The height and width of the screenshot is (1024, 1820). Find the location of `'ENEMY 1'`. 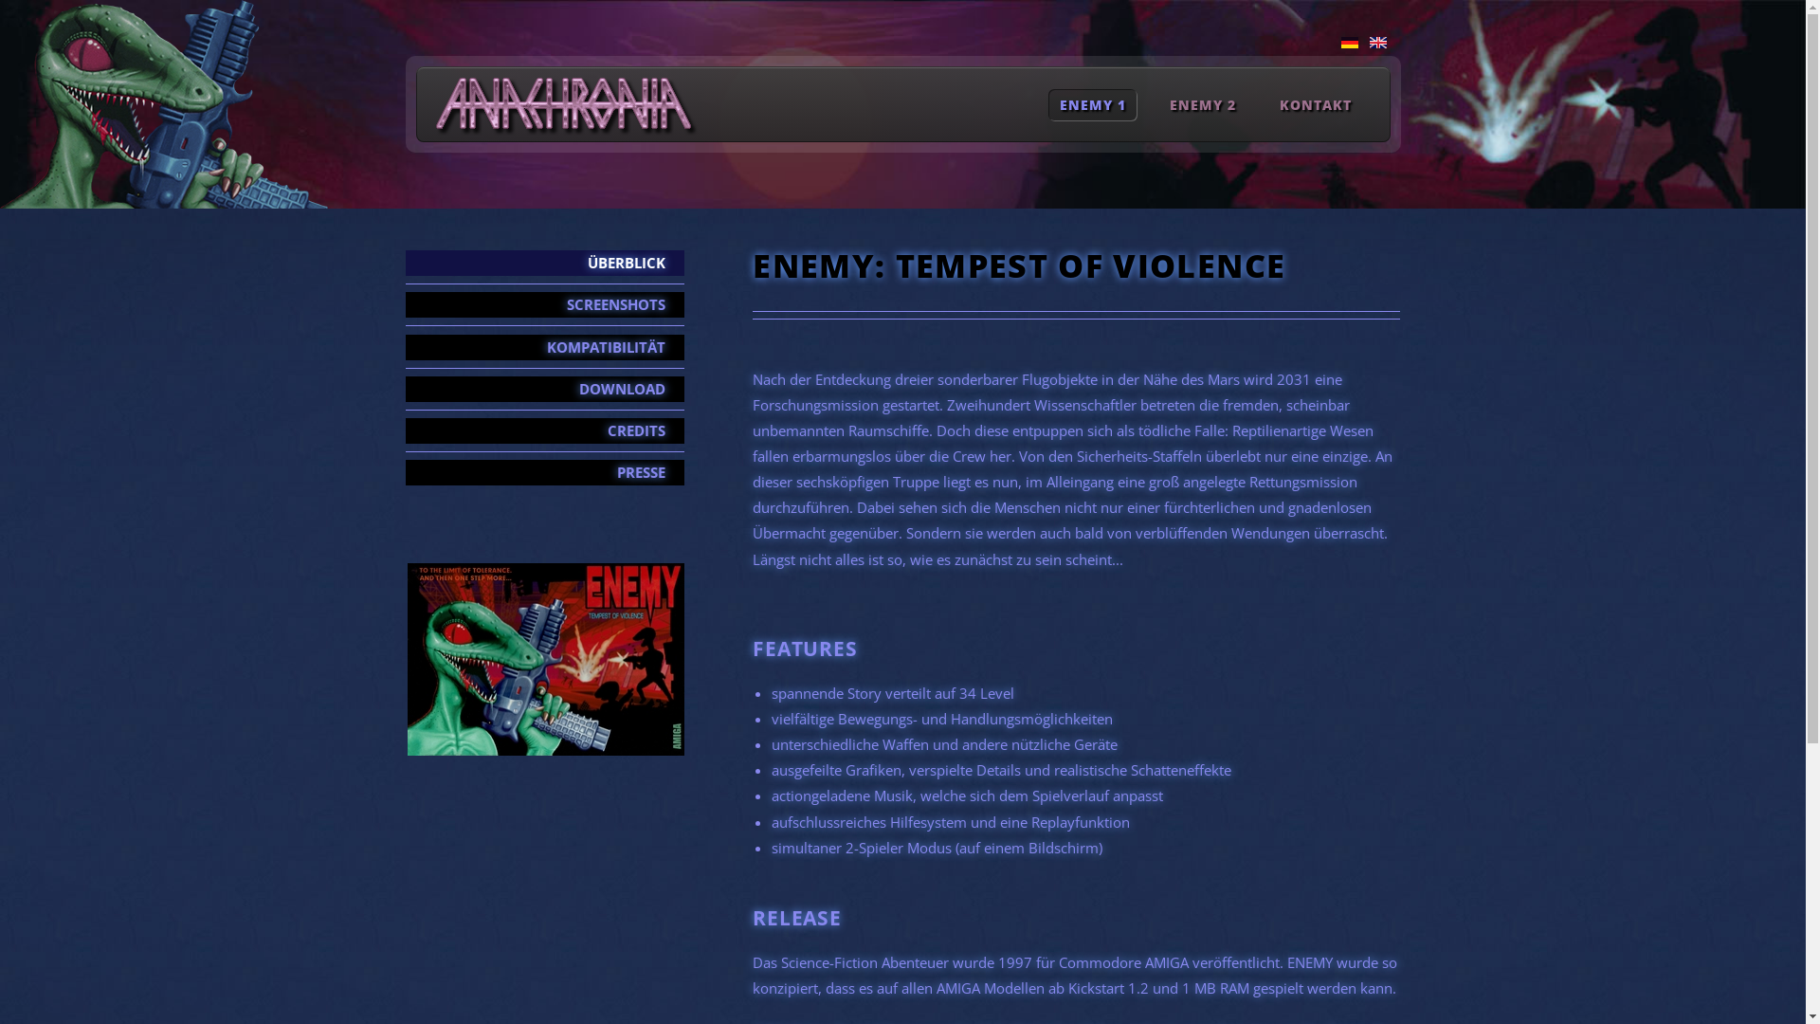

'ENEMY 1' is located at coordinates (1092, 104).